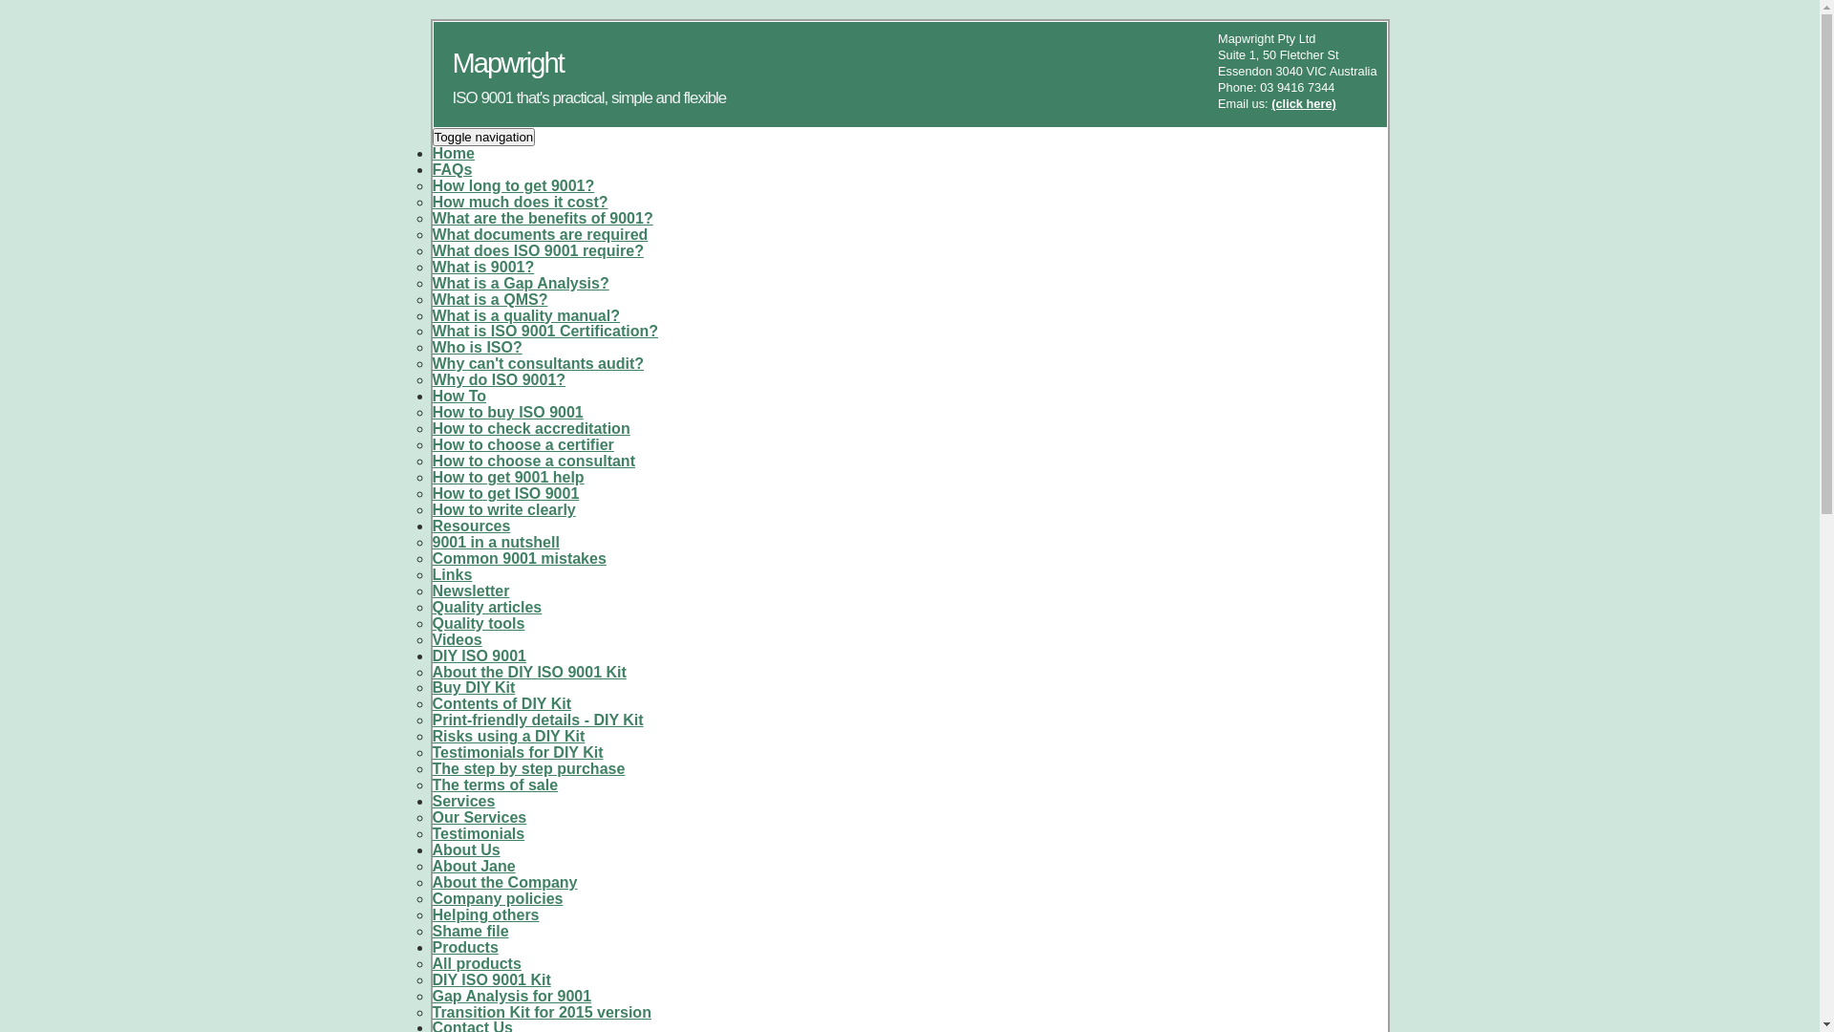 Image resolution: width=1834 pixels, height=1032 pixels. I want to click on 'Common 9001 mistakes', so click(518, 558).